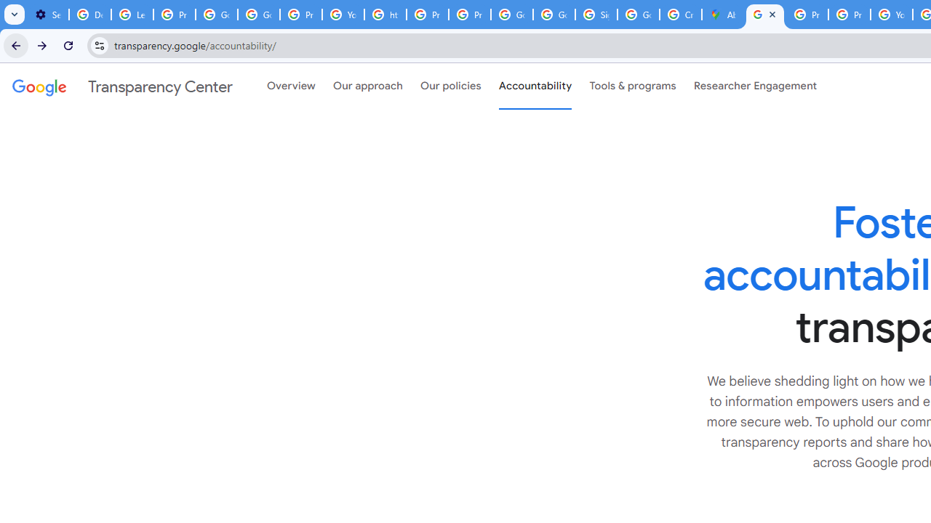  What do you see at coordinates (680, 15) in the screenshot?
I see `'Create your Google Account'` at bounding box center [680, 15].